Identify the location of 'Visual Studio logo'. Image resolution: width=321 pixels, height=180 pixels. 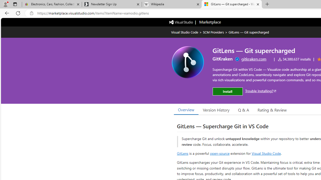
(181, 21).